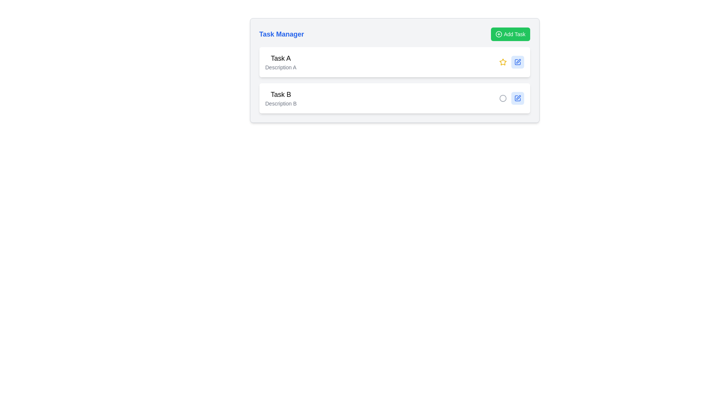  I want to click on the 'edit' button located on the rightmost side of the row for 'Task B', which allows users to modify the task details, so click(517, 98).